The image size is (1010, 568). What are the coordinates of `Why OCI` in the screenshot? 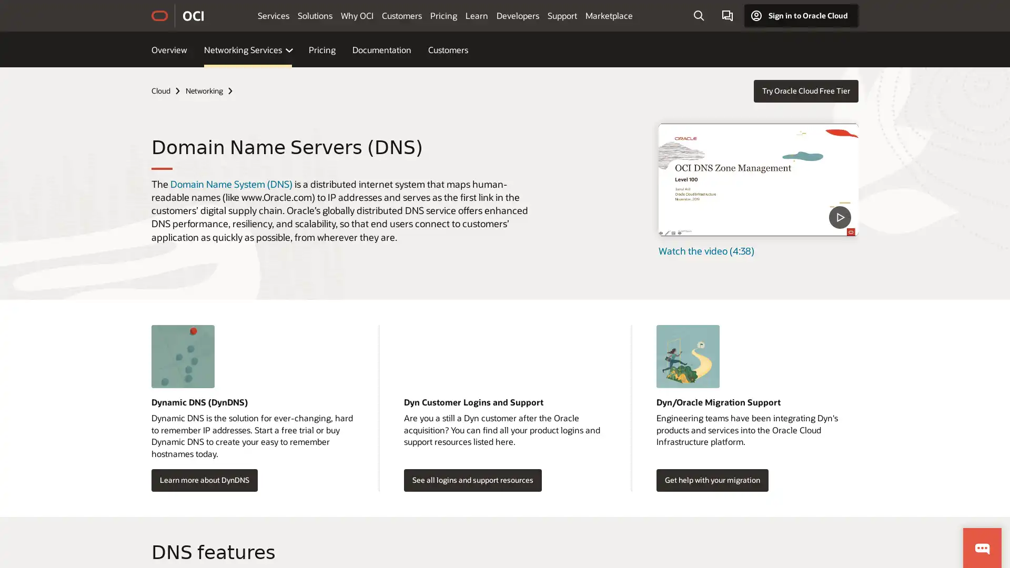 It's located at (357, 15).